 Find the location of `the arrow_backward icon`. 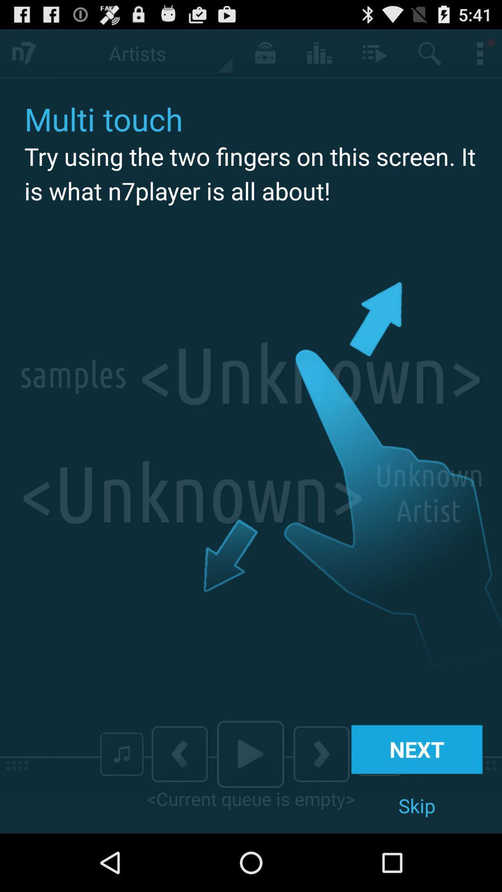

the arrow_backward icon is located at coordinates (179, 807).